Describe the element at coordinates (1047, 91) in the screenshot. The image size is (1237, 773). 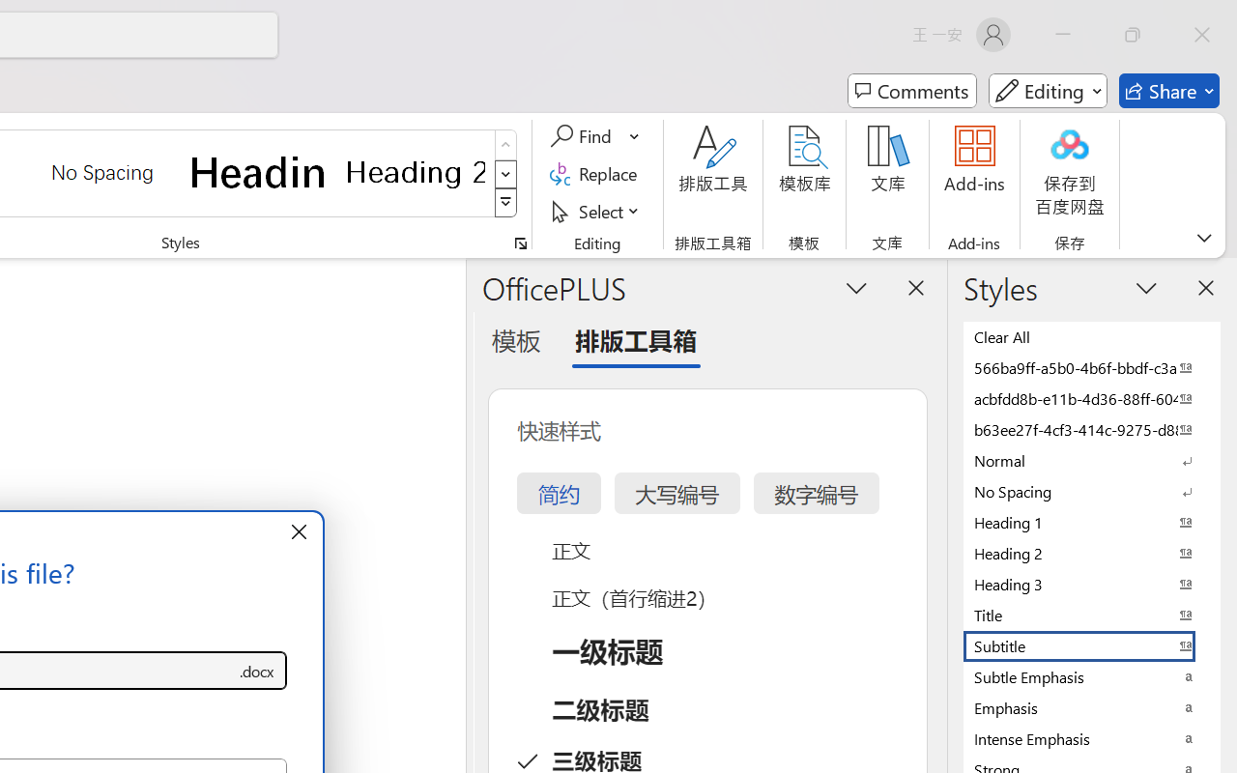
I see `'Mode'` at that location.